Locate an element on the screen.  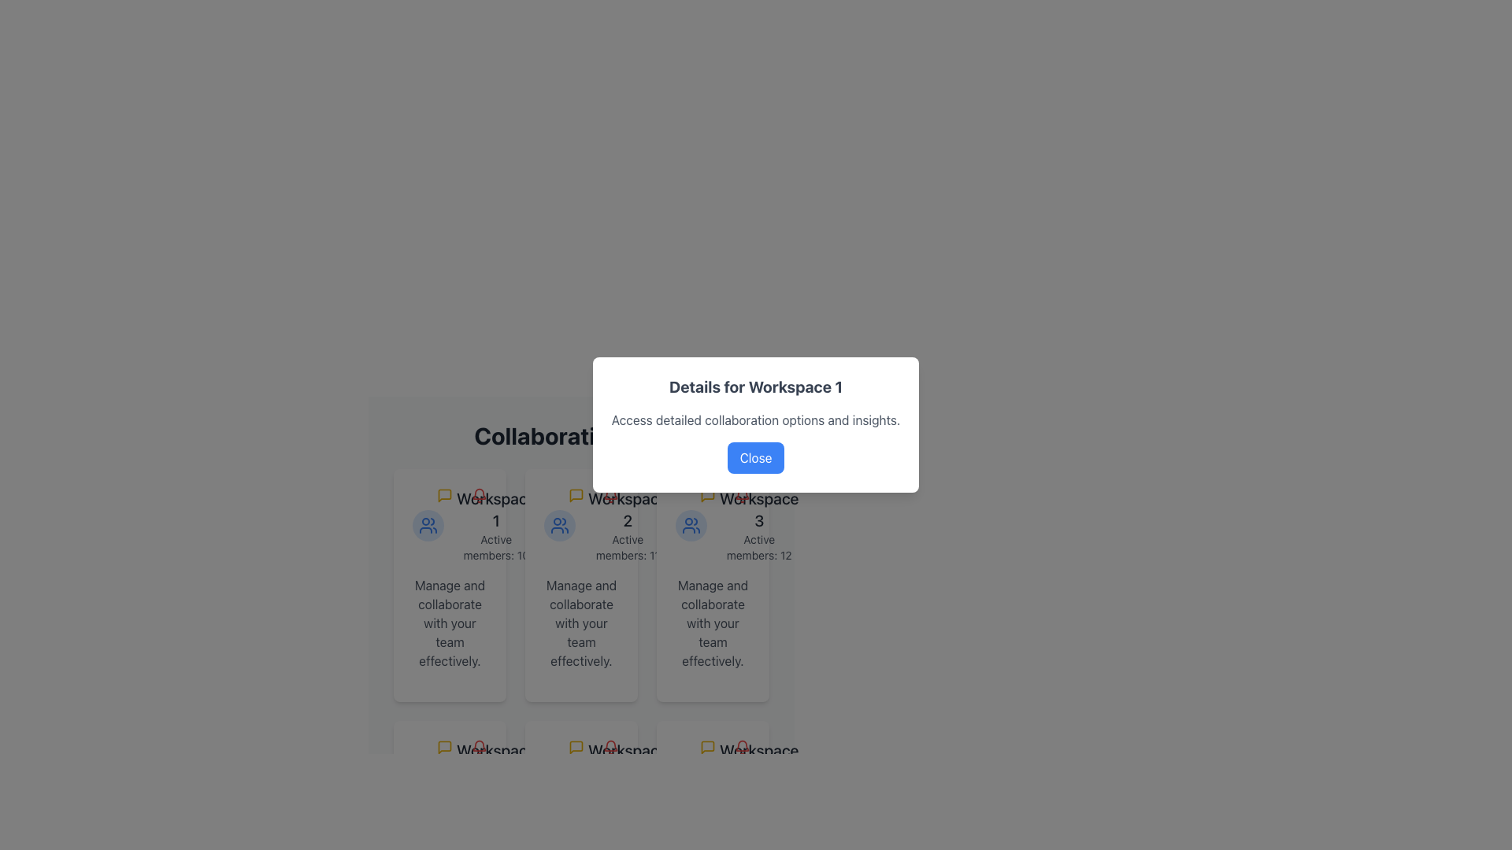
description text element that summarizes the purpose of 'Workspace 1', located below 'Active members: 10' in the workspace card is located at coordinates (449, 622).